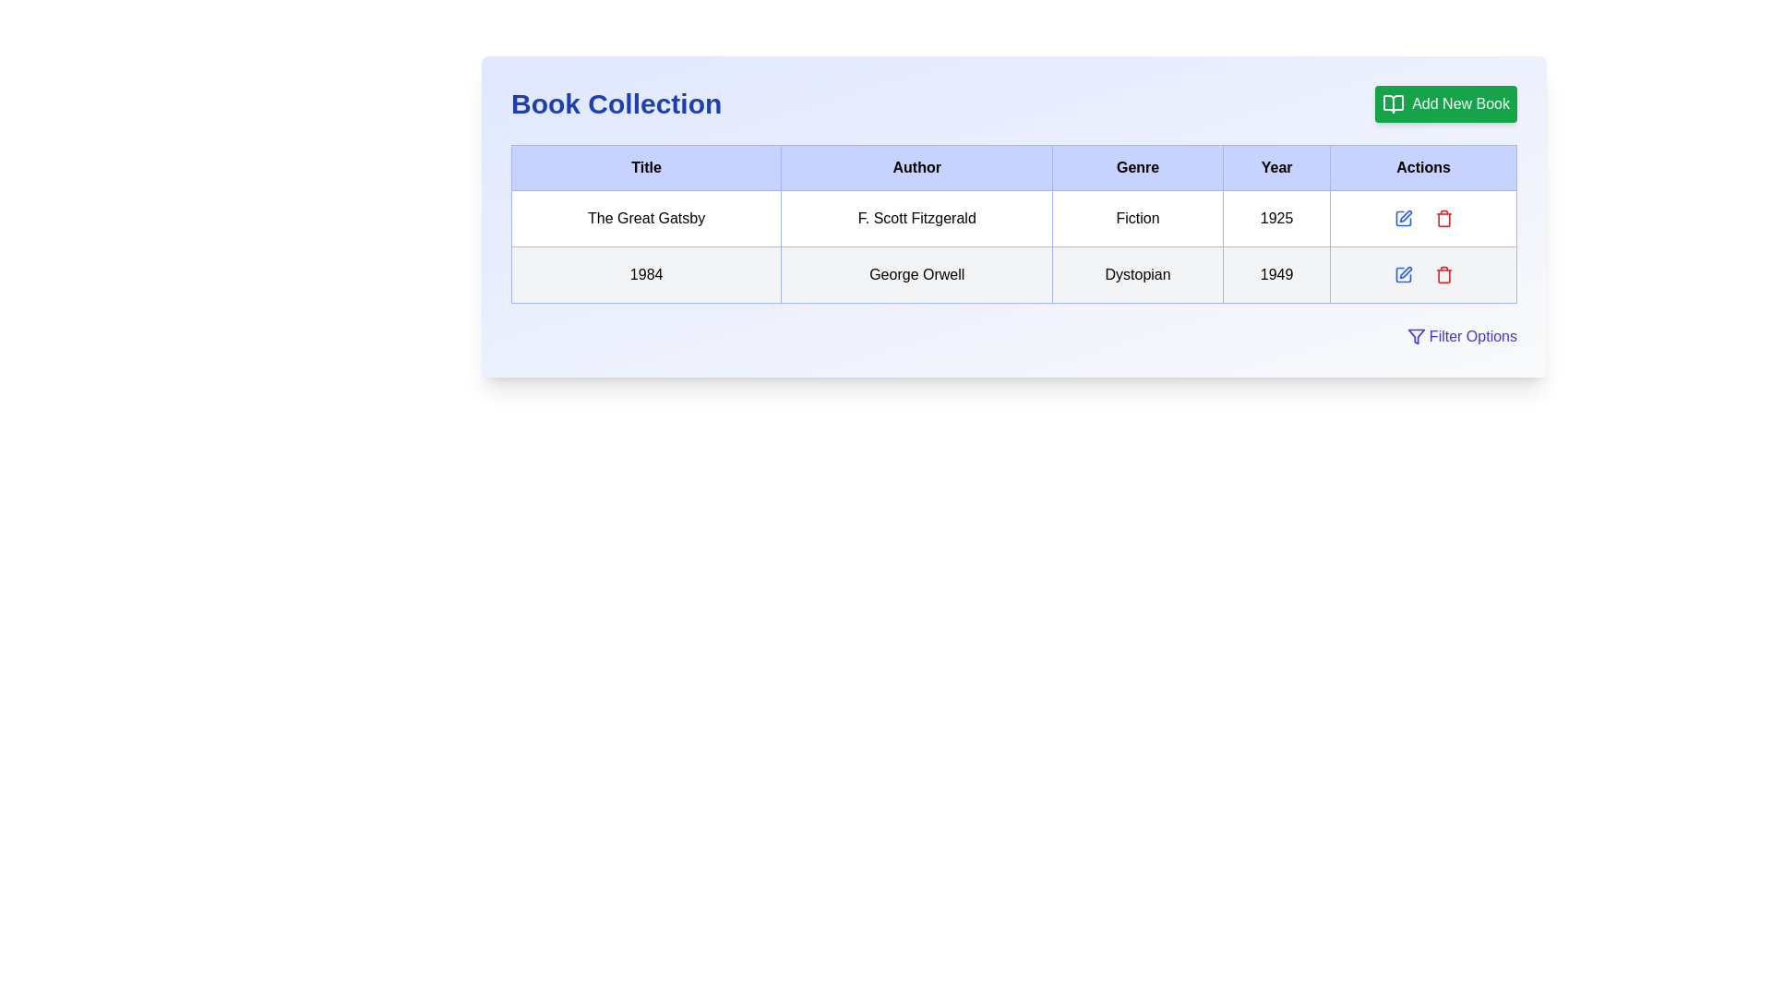 This screenshot has width=1772, height=997. I want to click on the table row containing data for the book titled 'The Great Gatsby', which includes multiple columns such as title, author, genre, and publication year, so click(1013, 217).